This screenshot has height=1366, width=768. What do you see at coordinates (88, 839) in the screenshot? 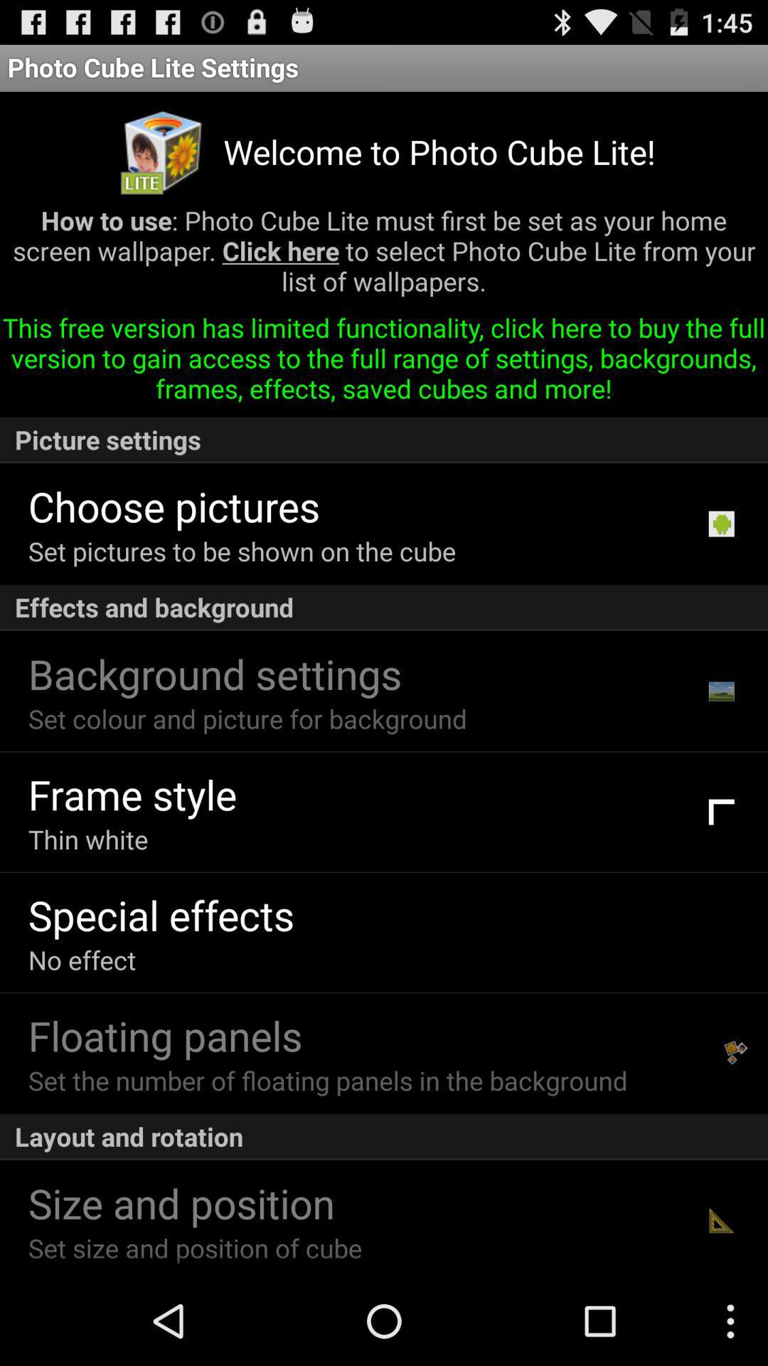
I see `item above special effects icon` at bounding box center [88, 839].